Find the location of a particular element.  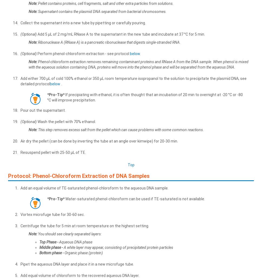

'Add 5 μL of 2 mg/mL RNase A to the supernatant in the new tube and incubate at 37 °C for 5 min.' is located at coordinates (120, 33).